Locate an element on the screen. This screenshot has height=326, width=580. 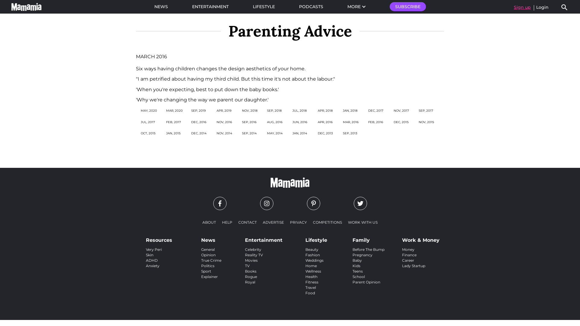
'General' is located at coordinates (208, 249).